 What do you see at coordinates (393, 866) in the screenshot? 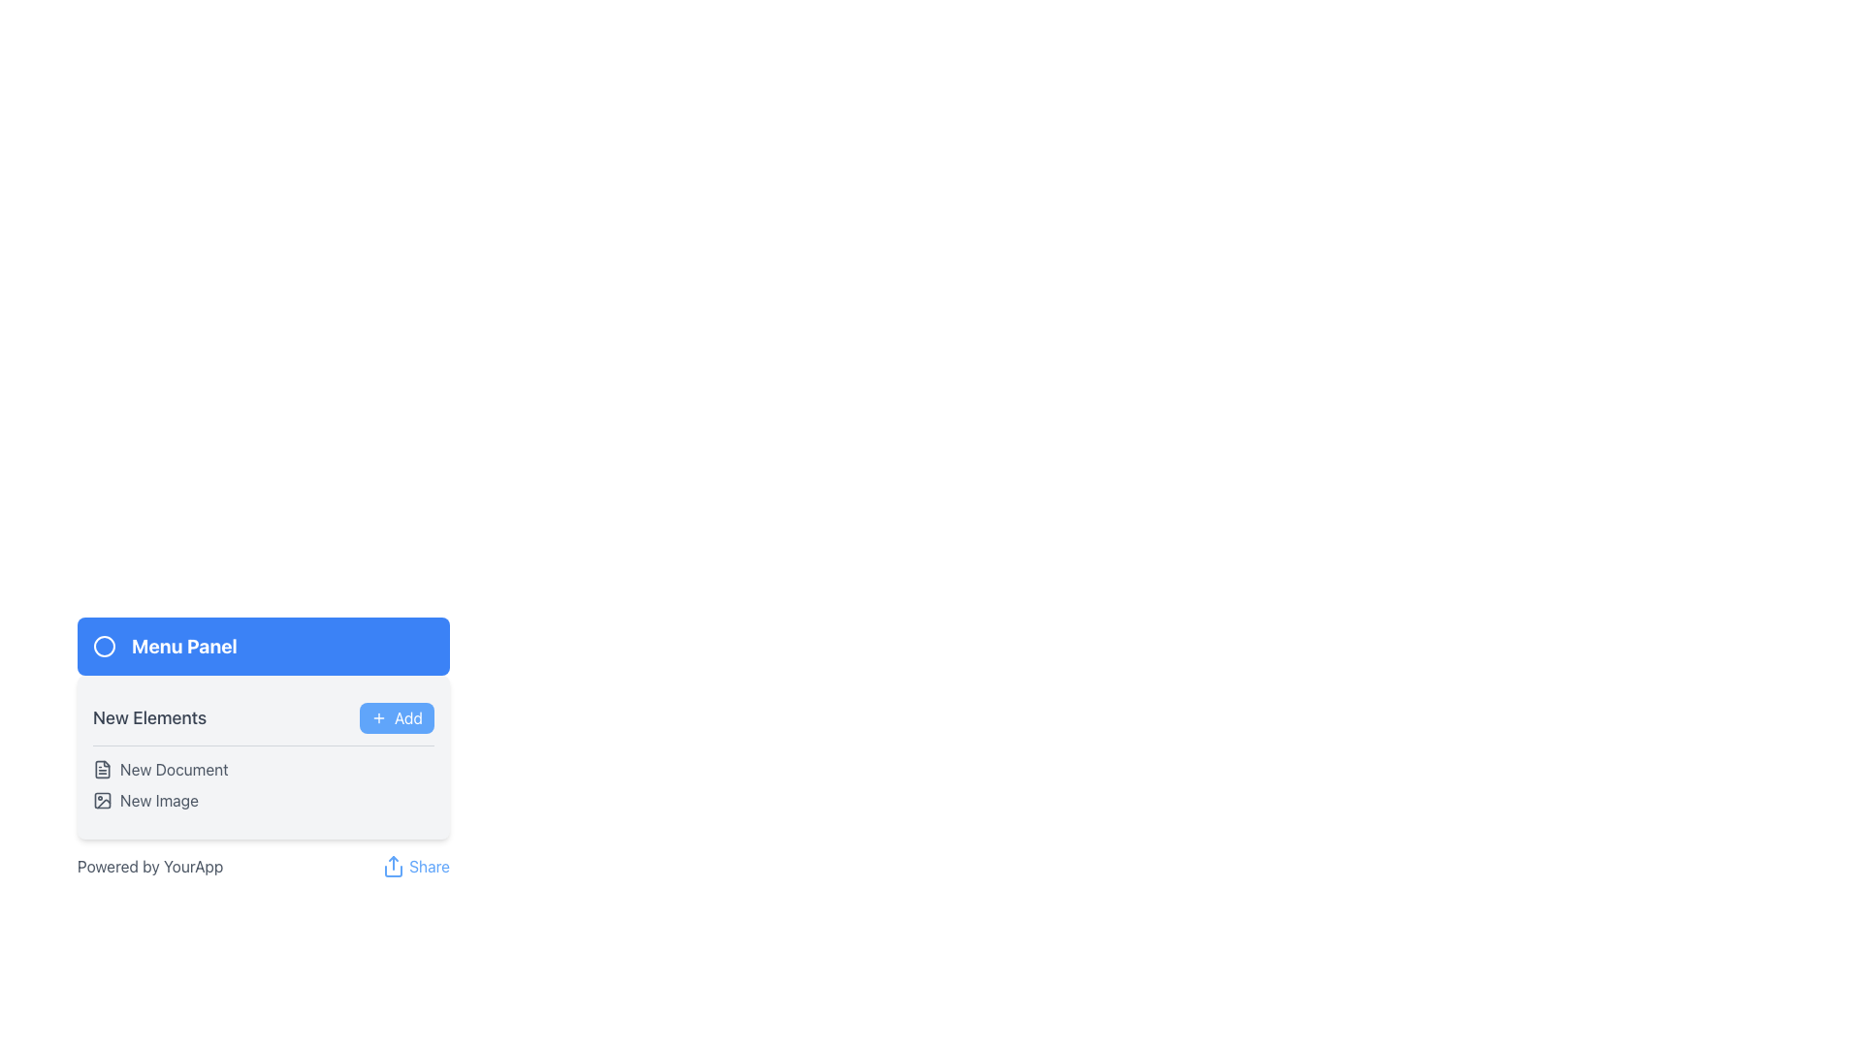
I see `the blue share icon, which features a vertical arrow pointing upwards from a horizontal base within an outlined square-like structure` at bounding box center [393, 866].